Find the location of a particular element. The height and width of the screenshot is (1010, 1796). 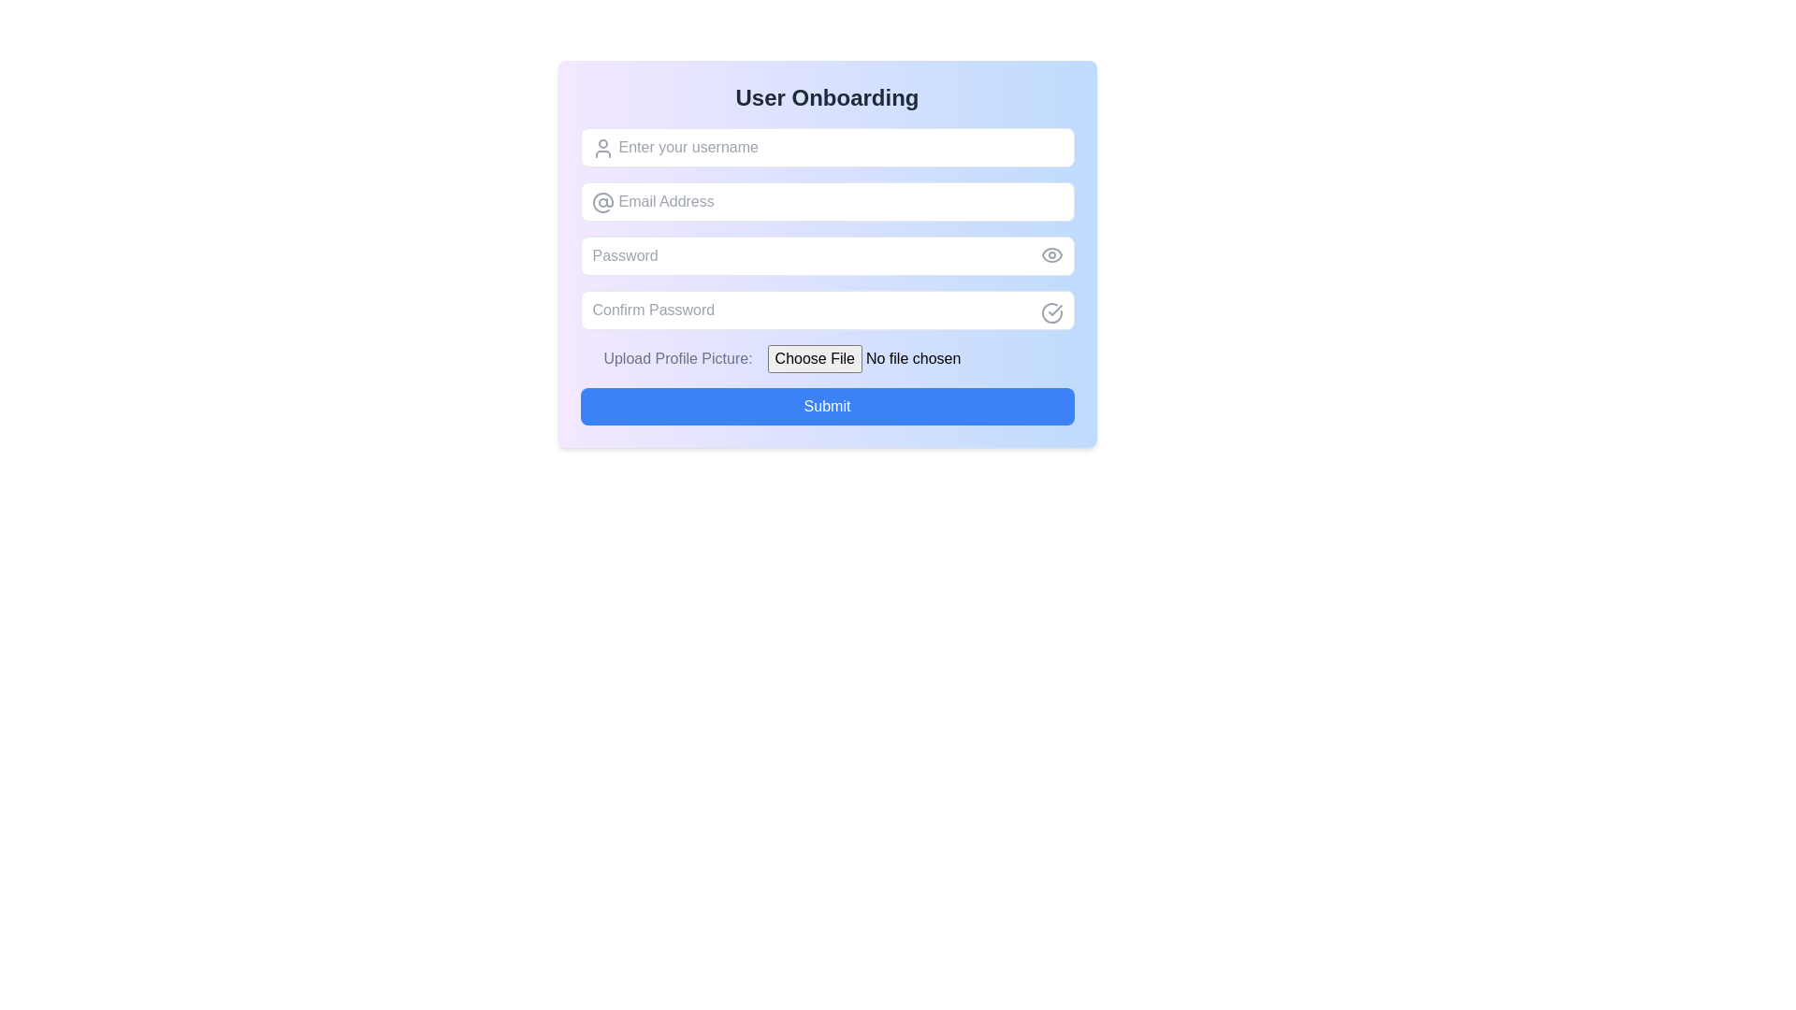

the fields of the user onboarding form is located at coordinates (826, 277).